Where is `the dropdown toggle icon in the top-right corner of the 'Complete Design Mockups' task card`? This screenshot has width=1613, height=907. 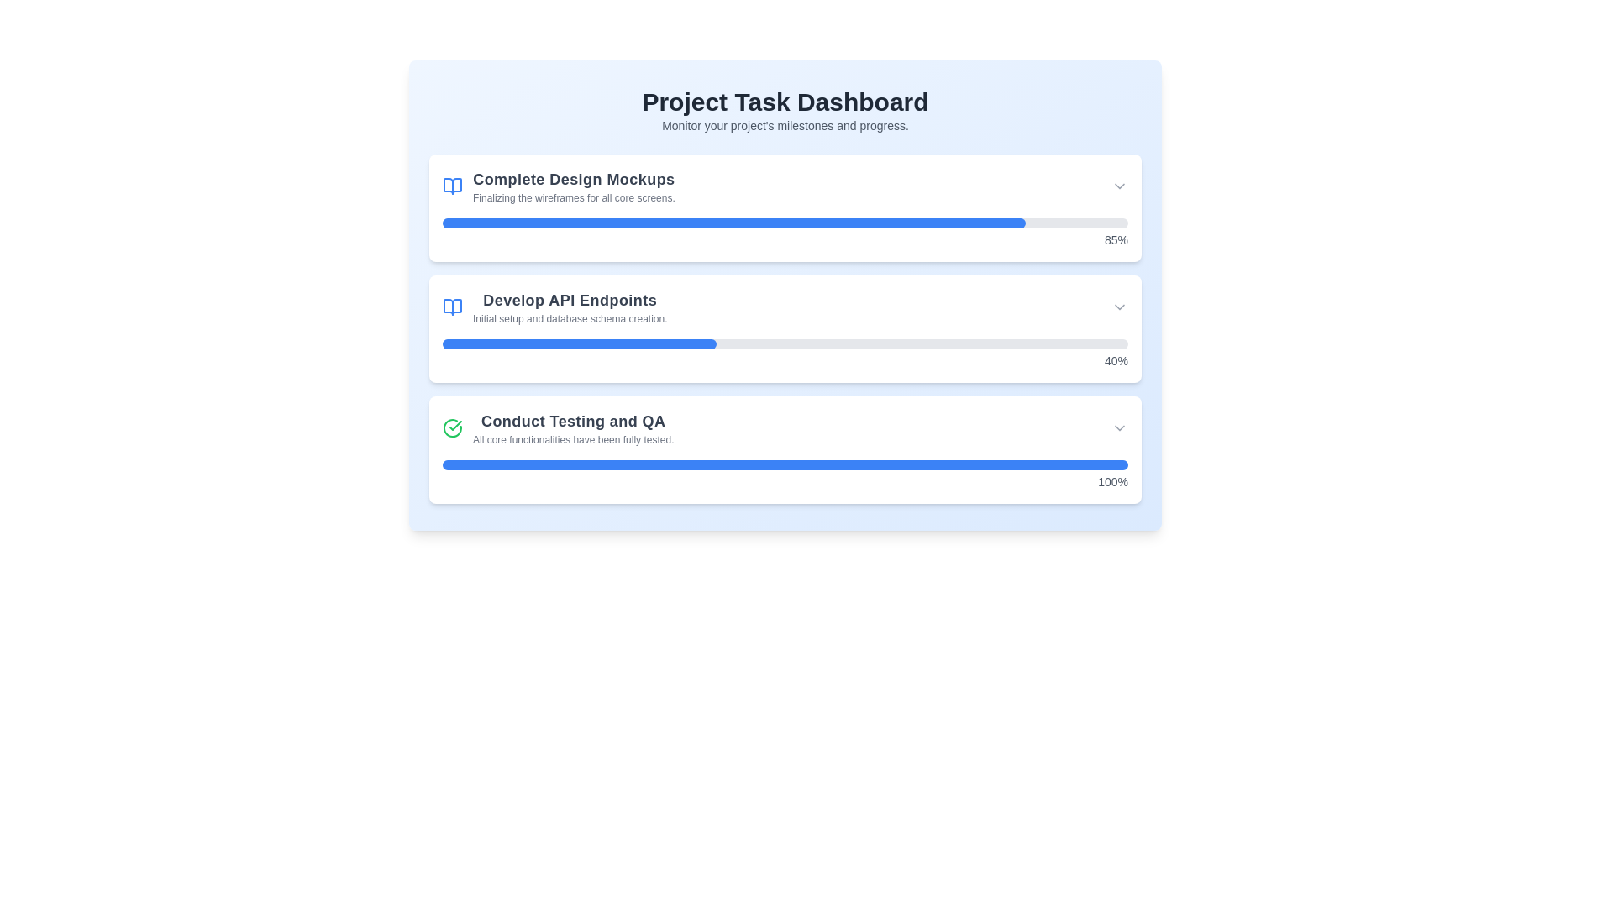
the dropdown toggle icon in the top-right corner of the 'Complete Design Mockups' task card is located at coordinates (1120, 186).